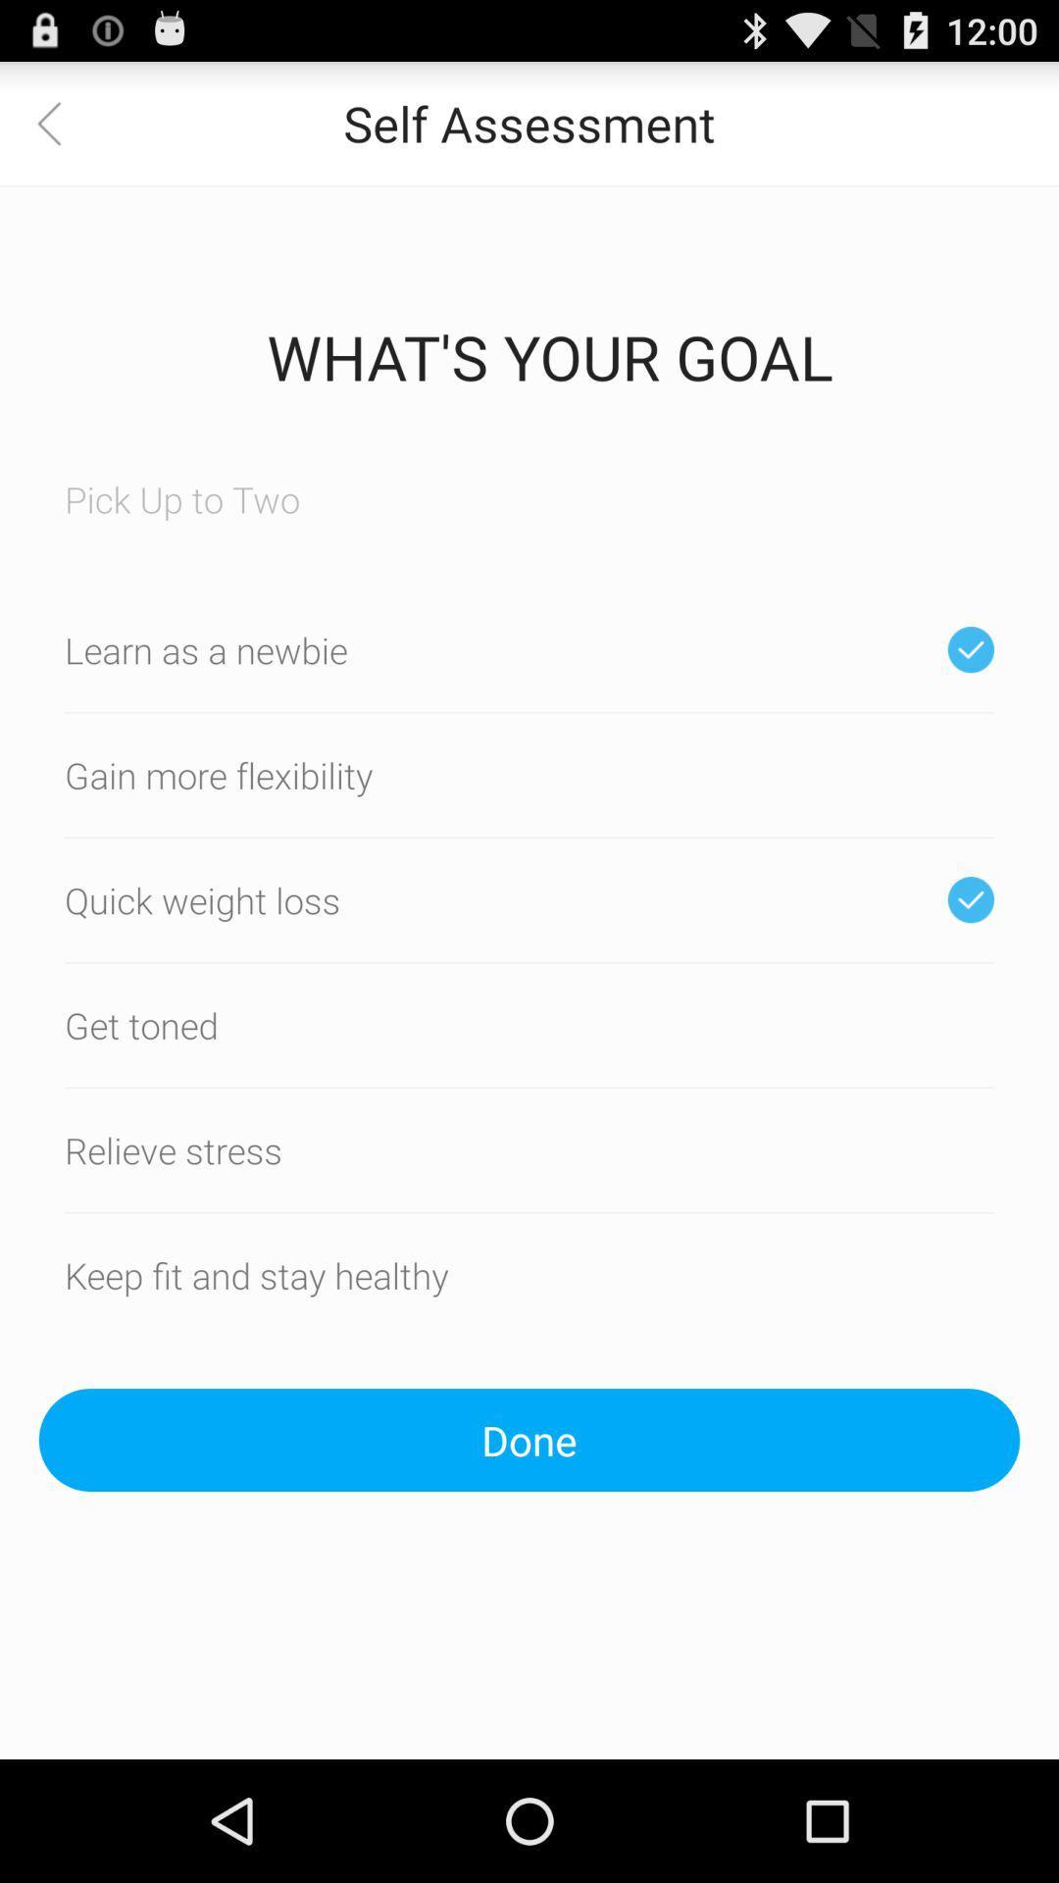  I want to click on the done icon, so click(529, 1440).